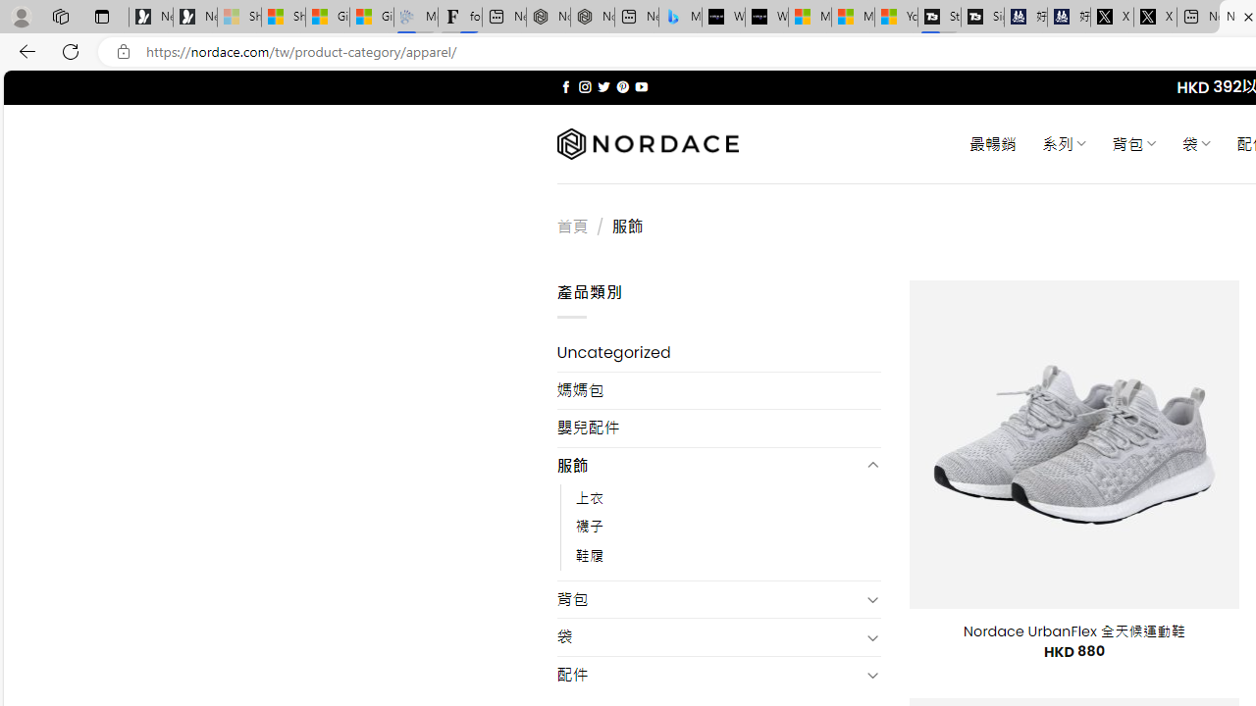 This screenshot has width=1256, height=706. What do you see at coordinates (810, 17) in the screenshot?
I see `'Microsoft Start Sports'` at bounding box center [810, 17].